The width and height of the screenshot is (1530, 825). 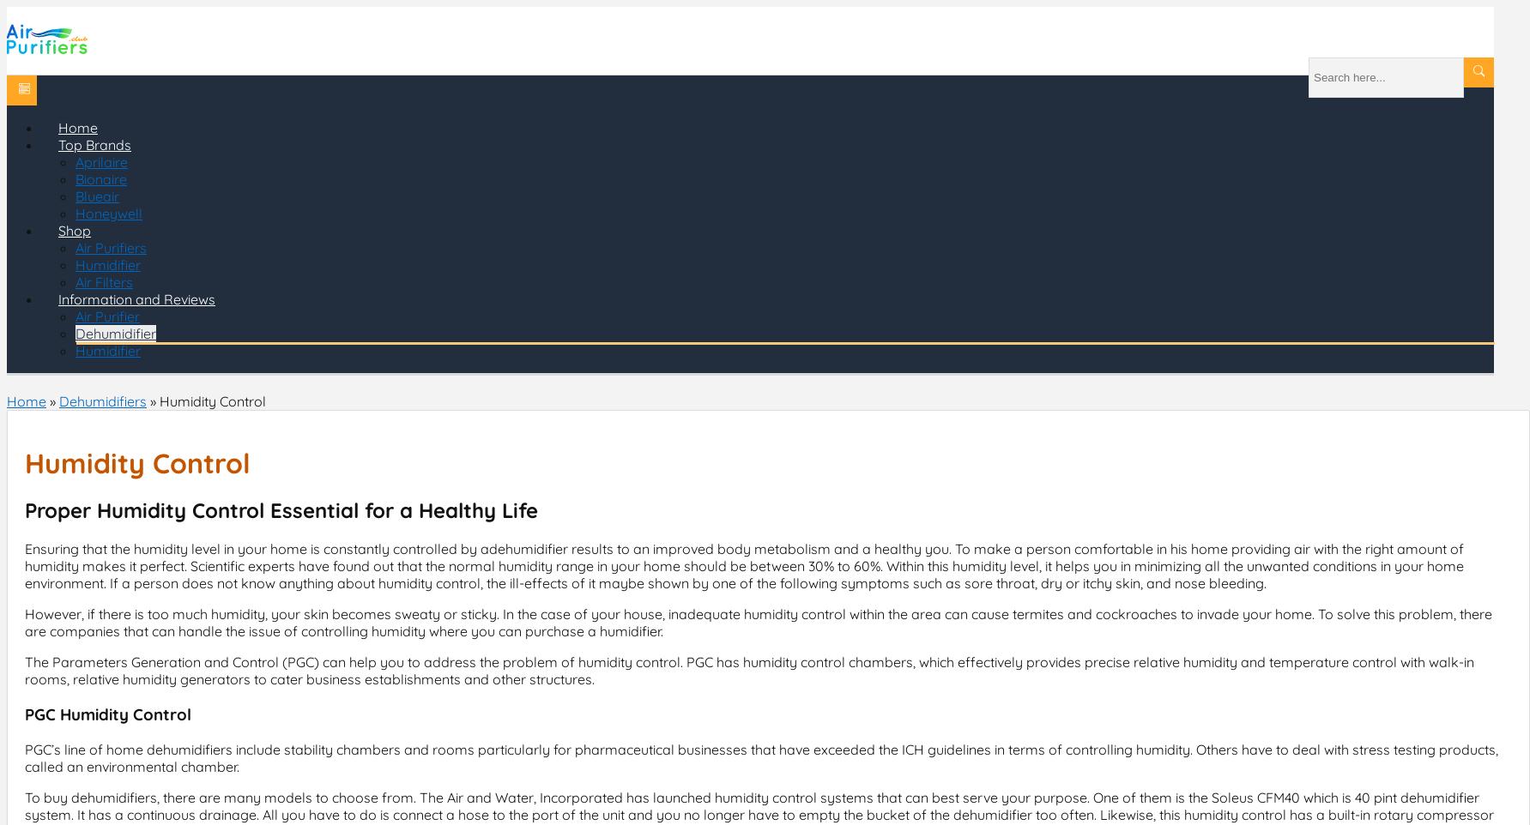 What do you see at coordinates (213, 401) in the screenshot?
I see `'Humidity Control'` at bounding box center [213, 401].